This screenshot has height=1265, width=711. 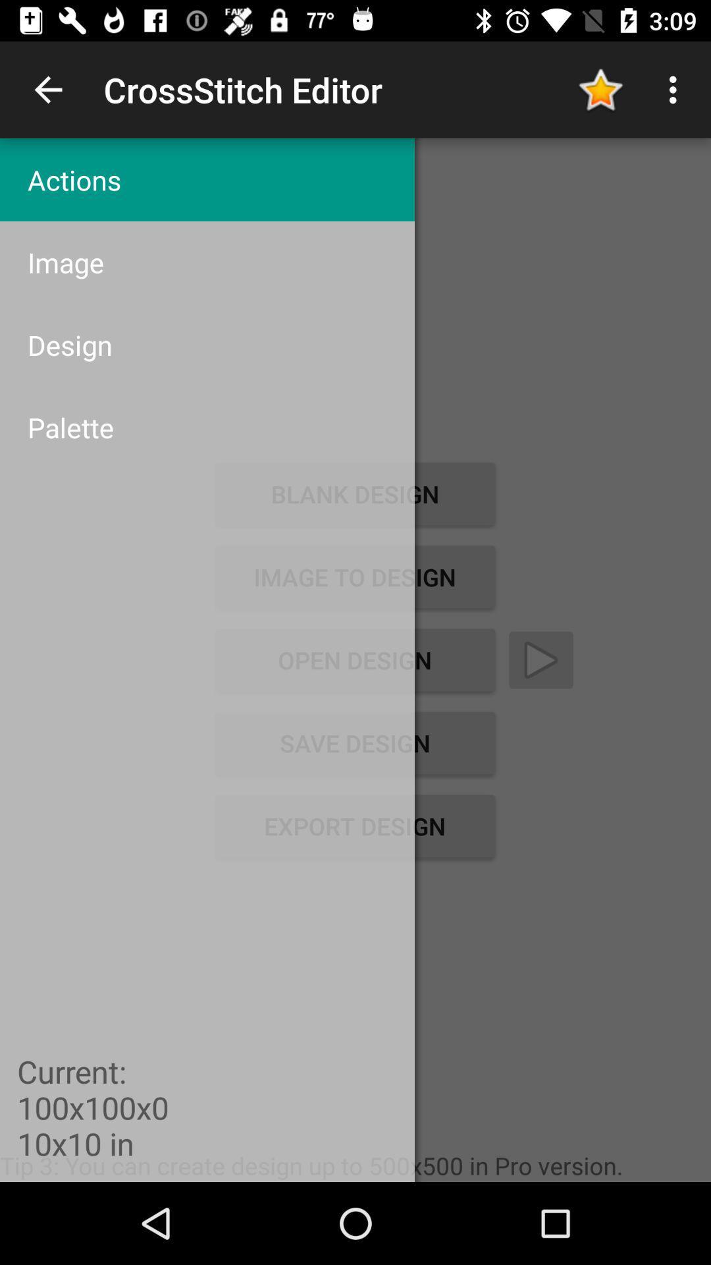 What do you see at coordinates (47, 89) in the screenshot?
I see `item to the left of crossstitch editor app` at bounding box center [47, 89].